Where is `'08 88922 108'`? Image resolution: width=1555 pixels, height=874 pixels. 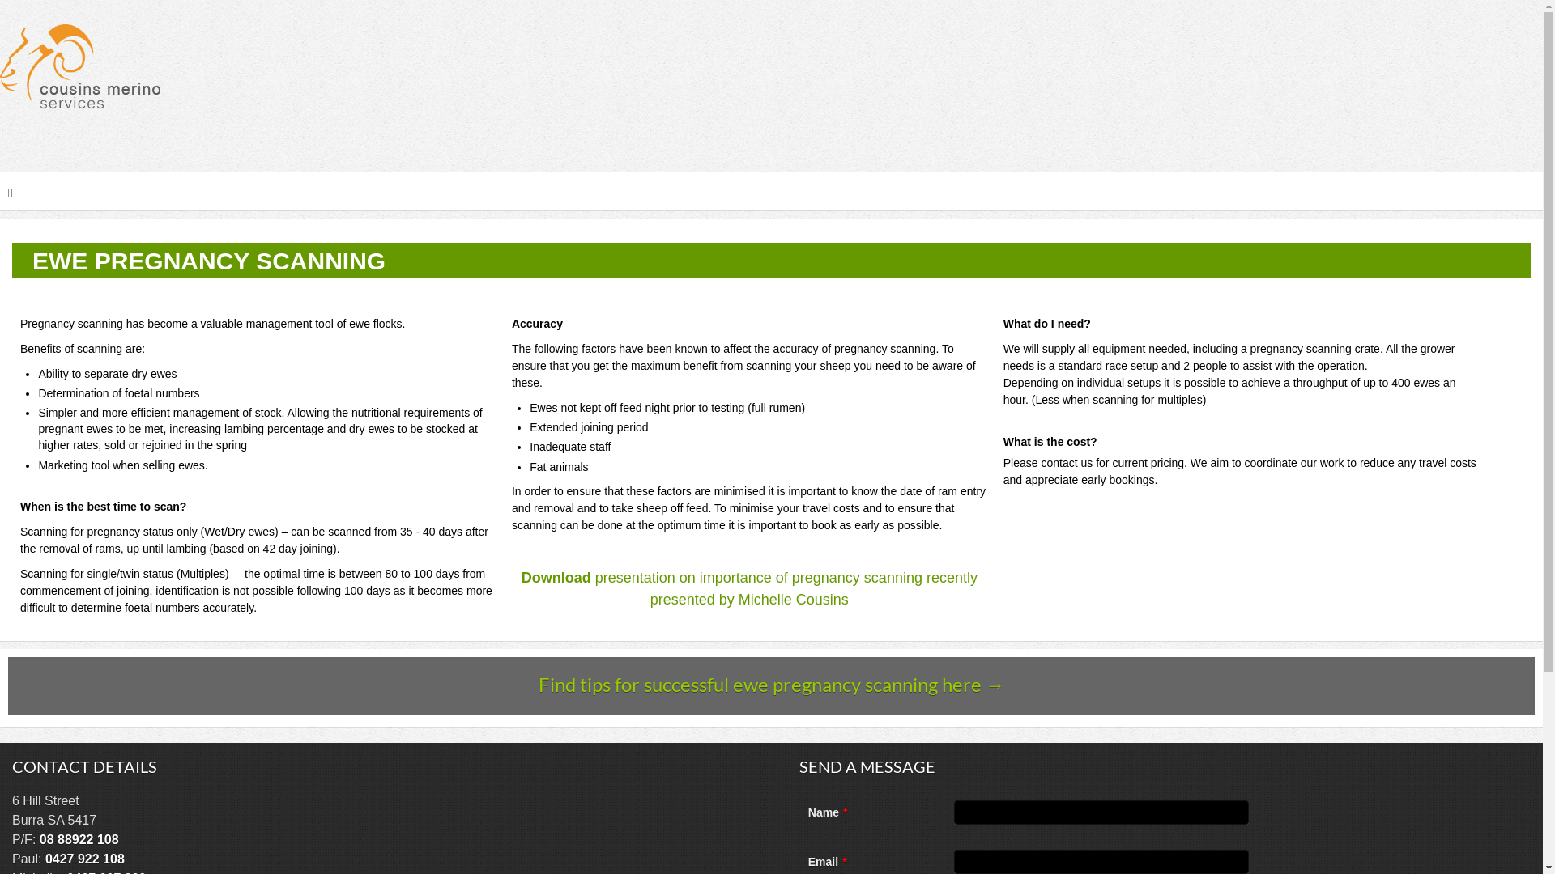 '08 88922 108' is located at coordinates (78, 838).